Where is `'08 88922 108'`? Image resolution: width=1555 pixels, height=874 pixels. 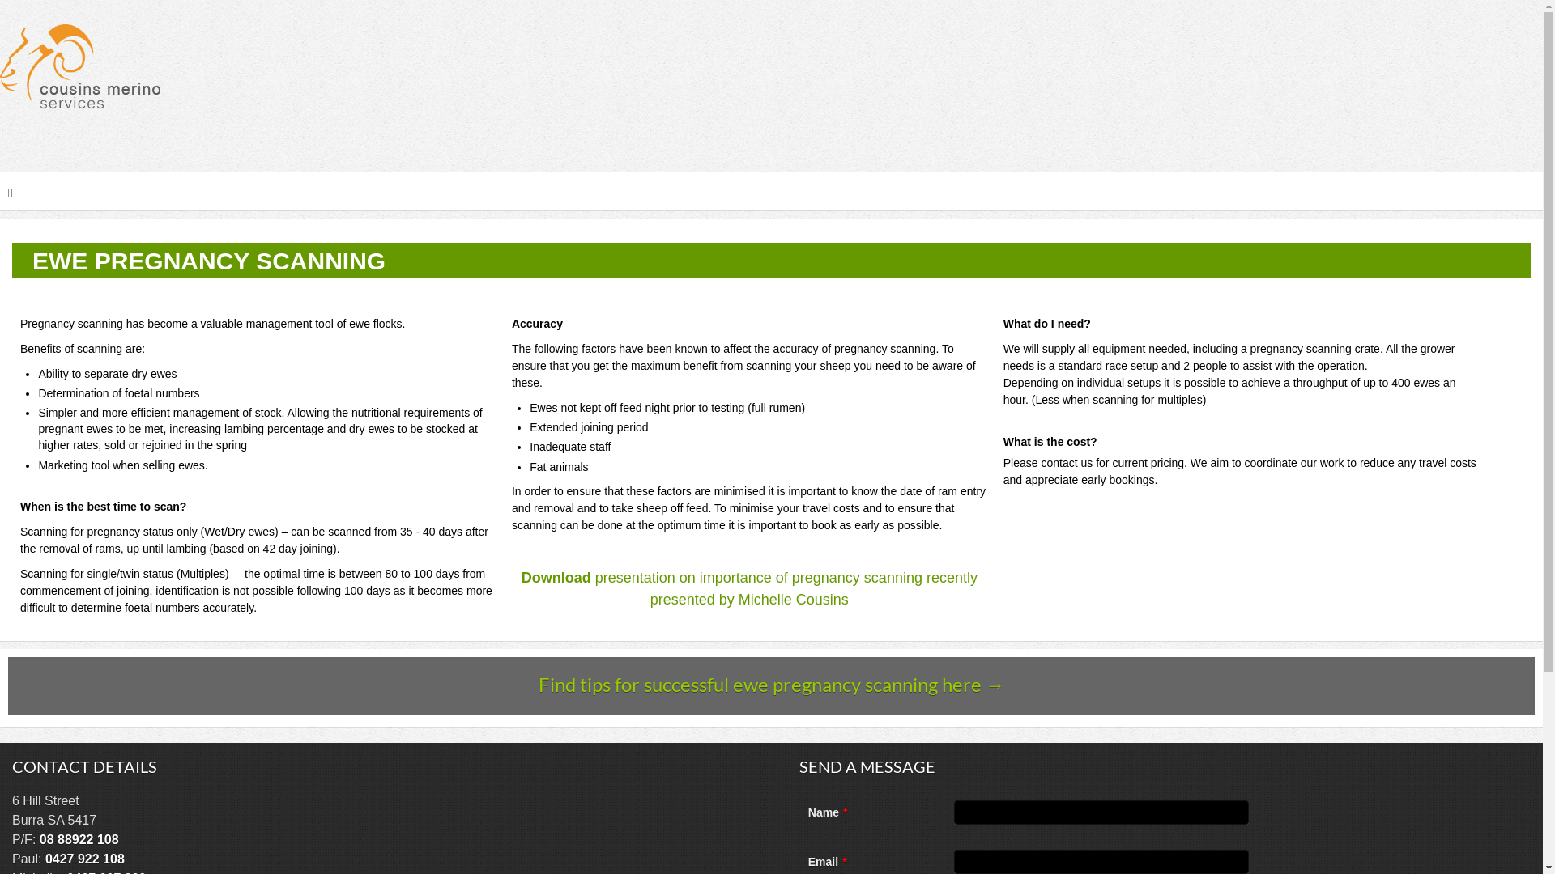 '08 88922 108' is located at coordinates (78, 838).